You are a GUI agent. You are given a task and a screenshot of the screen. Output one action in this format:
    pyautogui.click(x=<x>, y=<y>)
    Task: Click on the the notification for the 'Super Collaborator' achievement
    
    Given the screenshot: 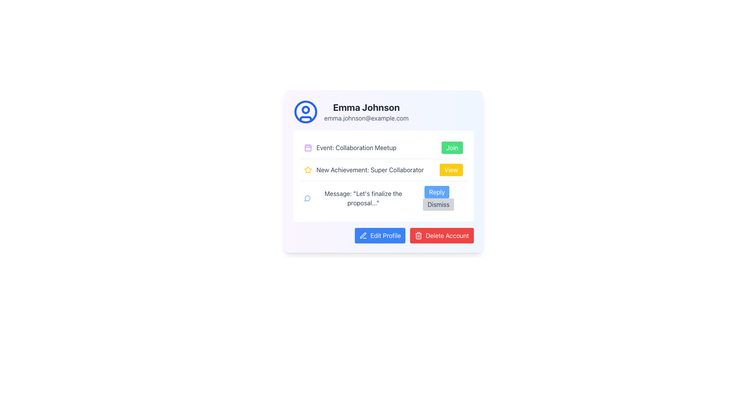 What is the action you would take?
    pyautogui.click(x=383, y=169)
    